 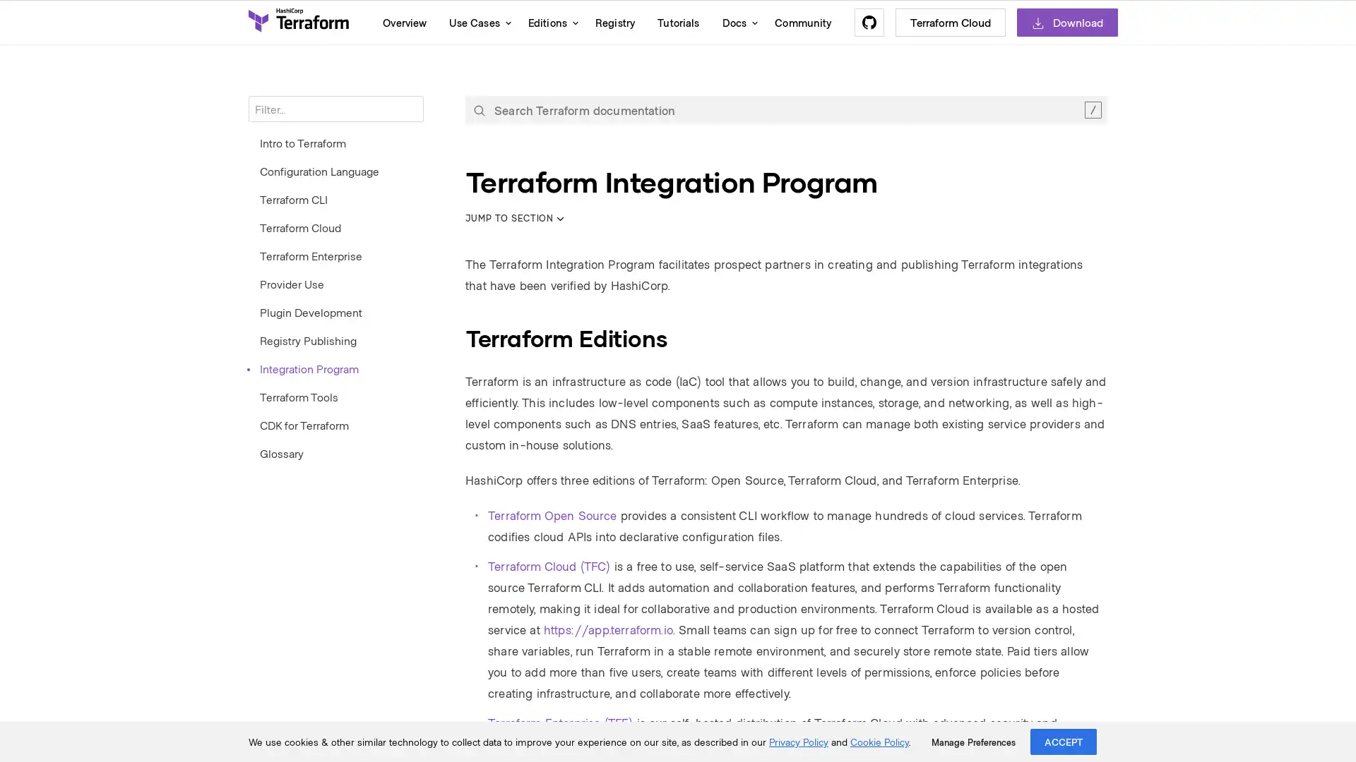 I want to click on Manage Preferences, so click(x=973, y=742).